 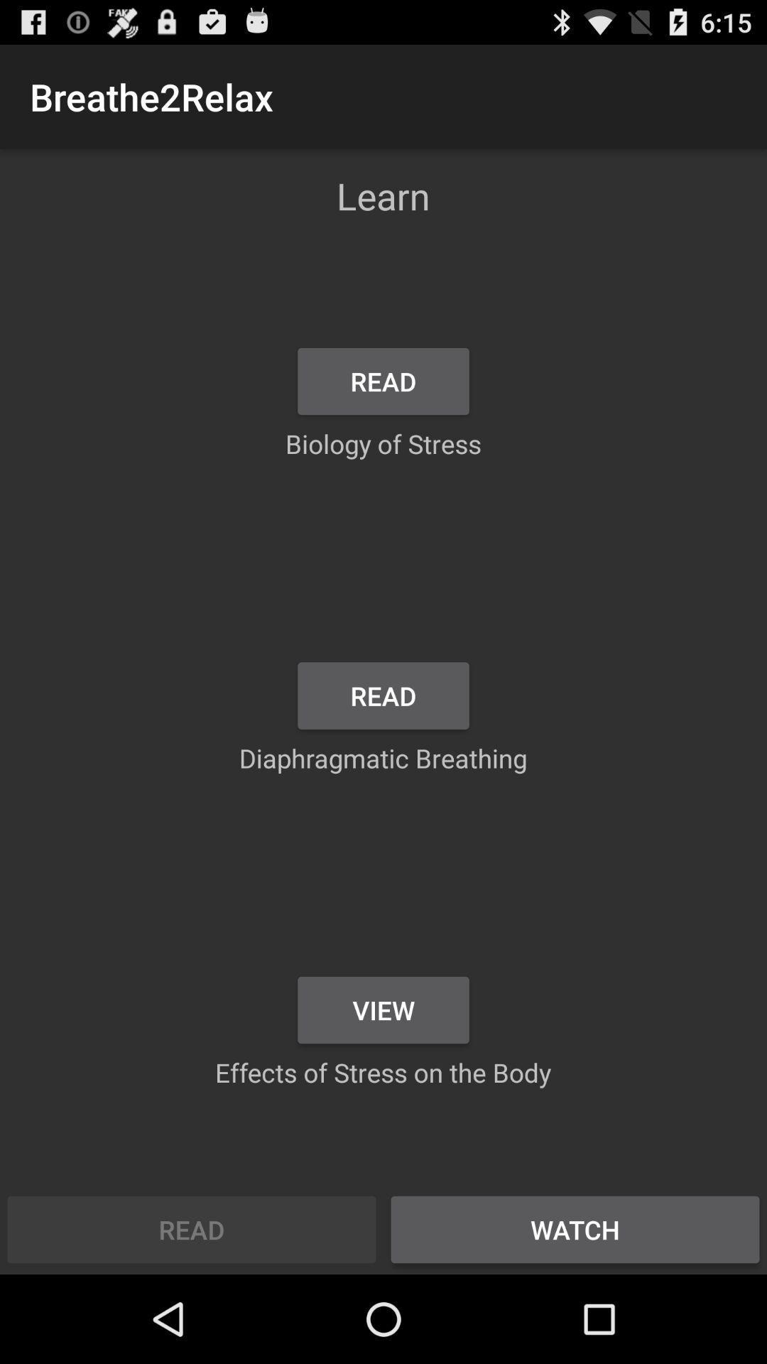 What do you see at coordinates (575, 1229) in the screenshot?
I see `the watch at the bottom right corner` at bounding box center [575, 1229].